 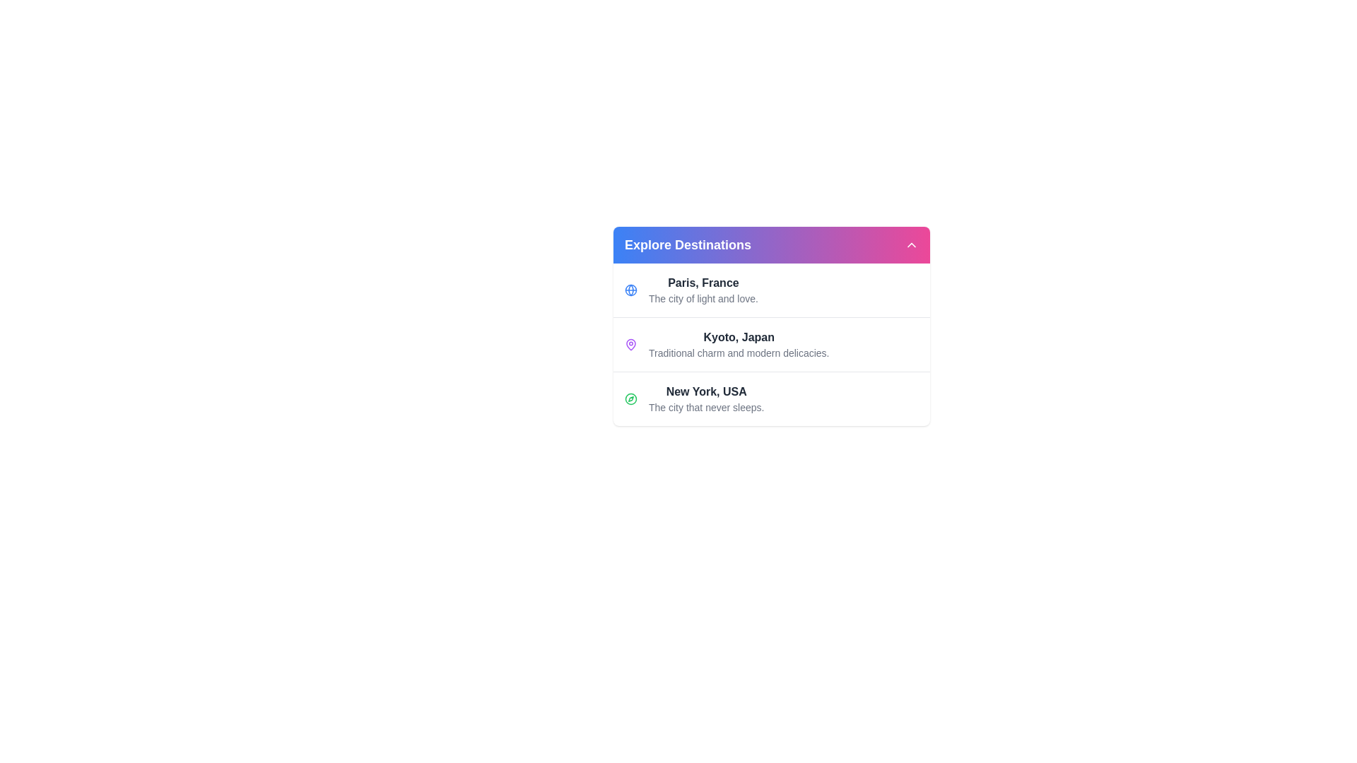 What do you see at coordinates (630, 290) in the screenshot?
I see `the small circular globe icon filled with blue color, which represents 'Paris, France' in the 'Explore Destinations' section` at bounding box center [630, 290].